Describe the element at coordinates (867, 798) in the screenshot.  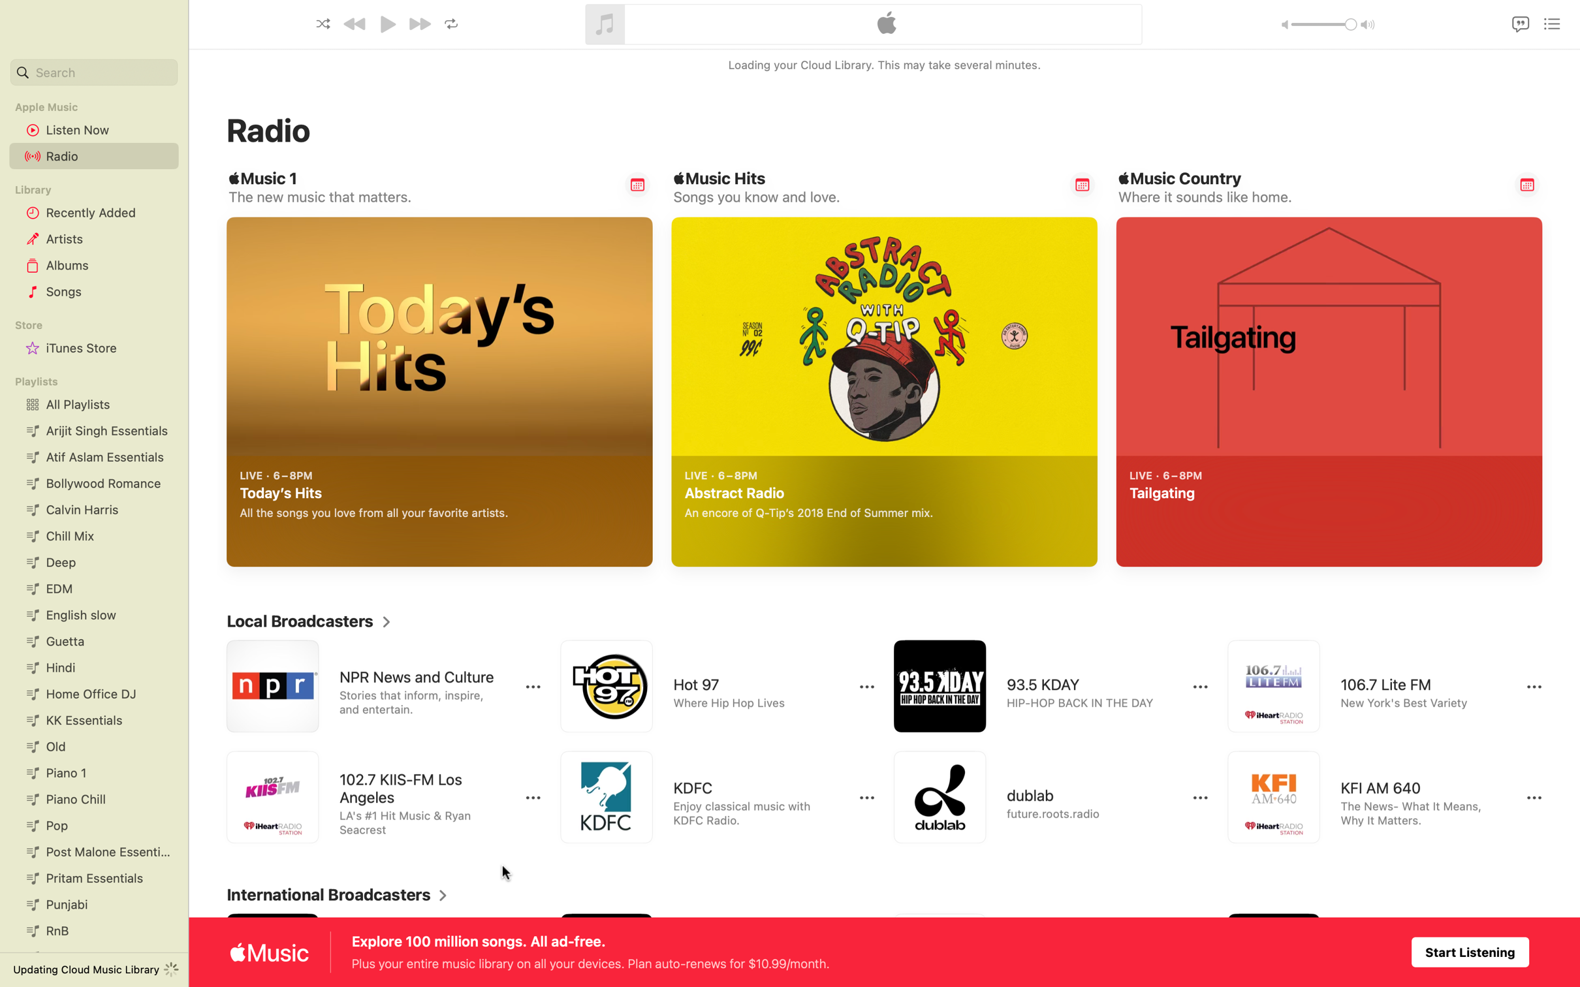
I see `to reveal additional controls for KDFC radio` at that location.